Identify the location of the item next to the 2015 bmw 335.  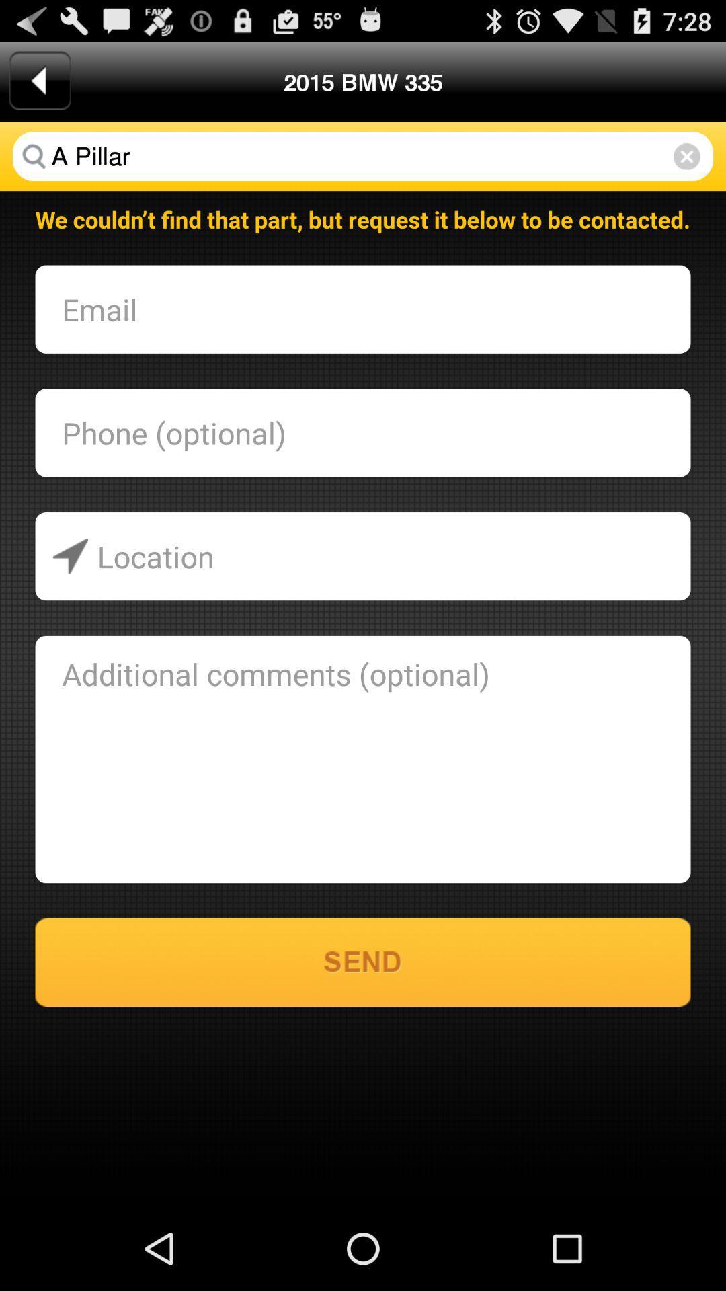
(686, 156).